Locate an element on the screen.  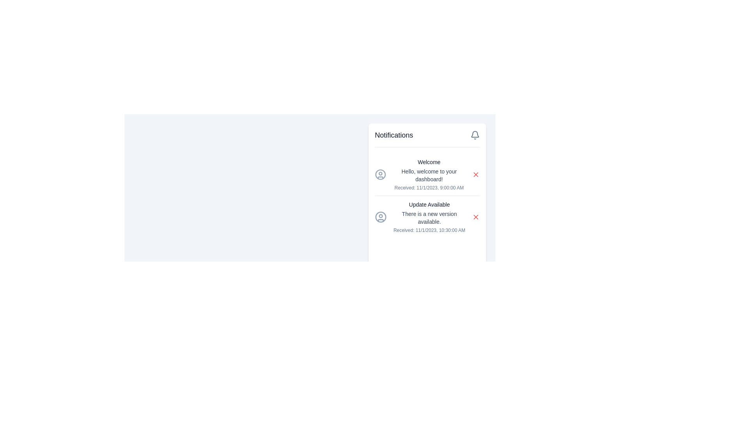
the outermost gray circular outline of the user profile icon located in the second notification entry of the notification drop-down panel is located at coordinates (380, 174).